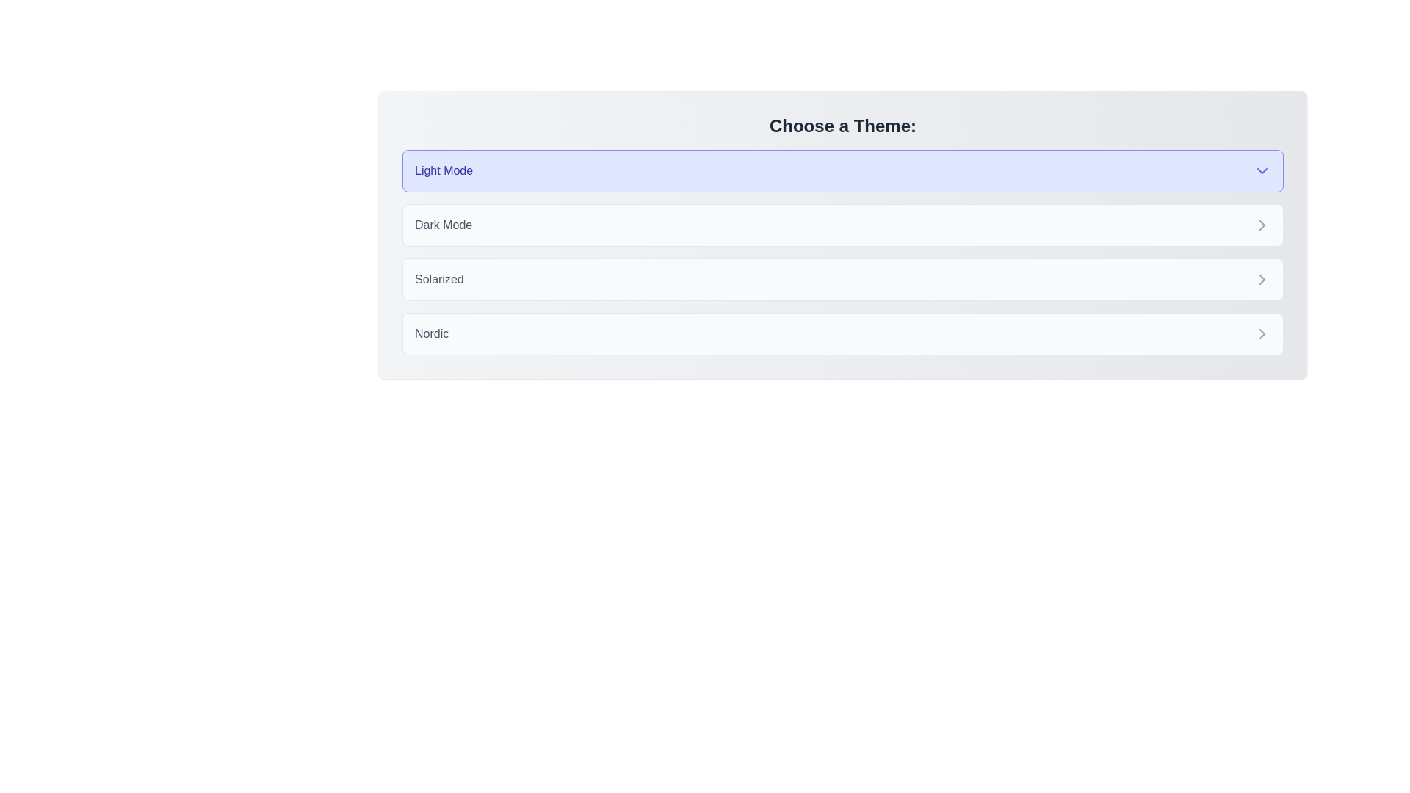  What do you see at coordinates (842, 334) in the screenshot?
I see `the theme Nordic by clicking on its corresponding chip` at bounding box center [842, 334].